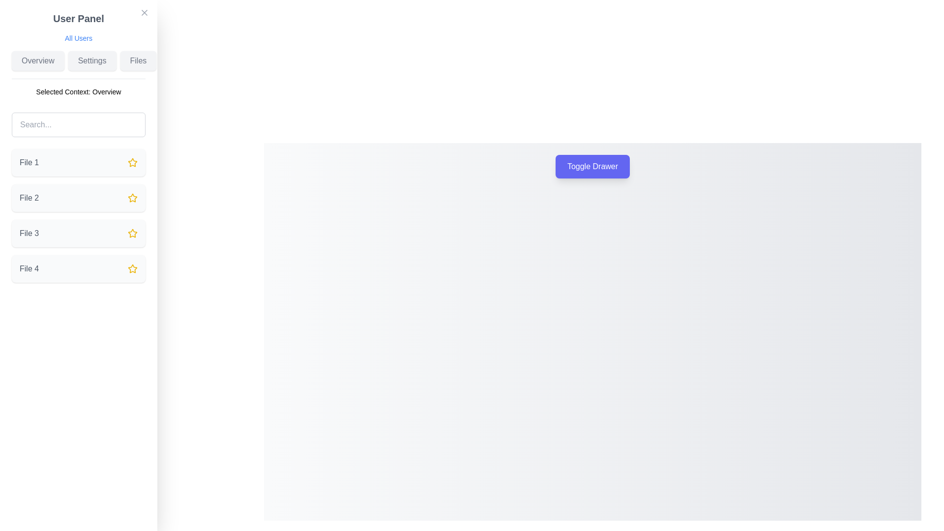 The image size is (944, 531). Describe the element at coordinates (132, 198) in the screenshot. I see `the star-shaped icon associated with 'File 2'` at that location.